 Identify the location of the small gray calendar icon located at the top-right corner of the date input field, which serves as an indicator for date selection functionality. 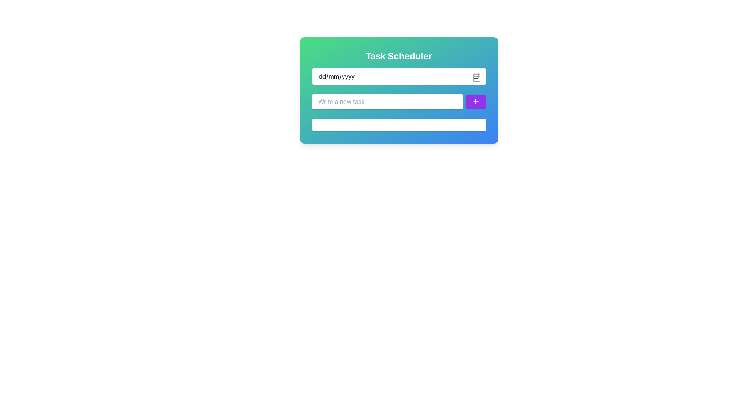
(476, 78).